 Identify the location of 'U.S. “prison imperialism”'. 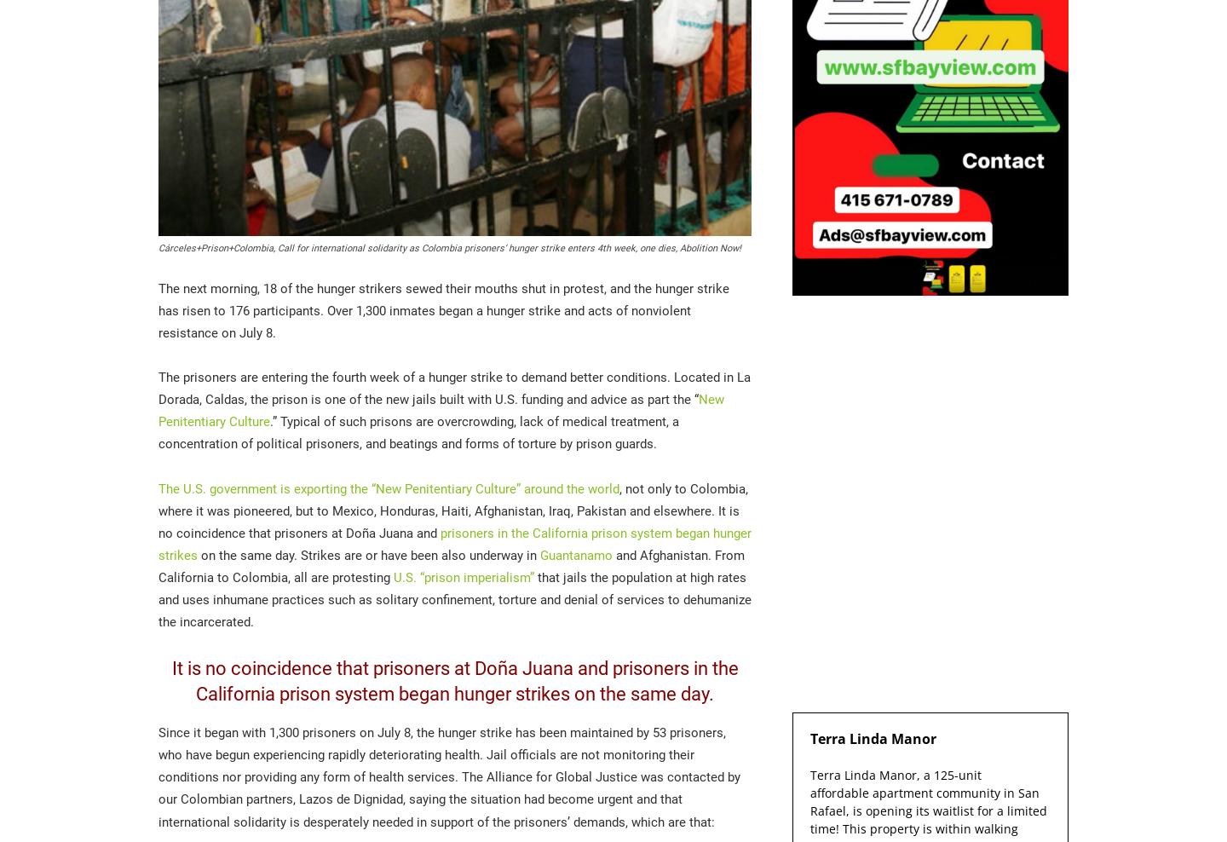
(464, 575).